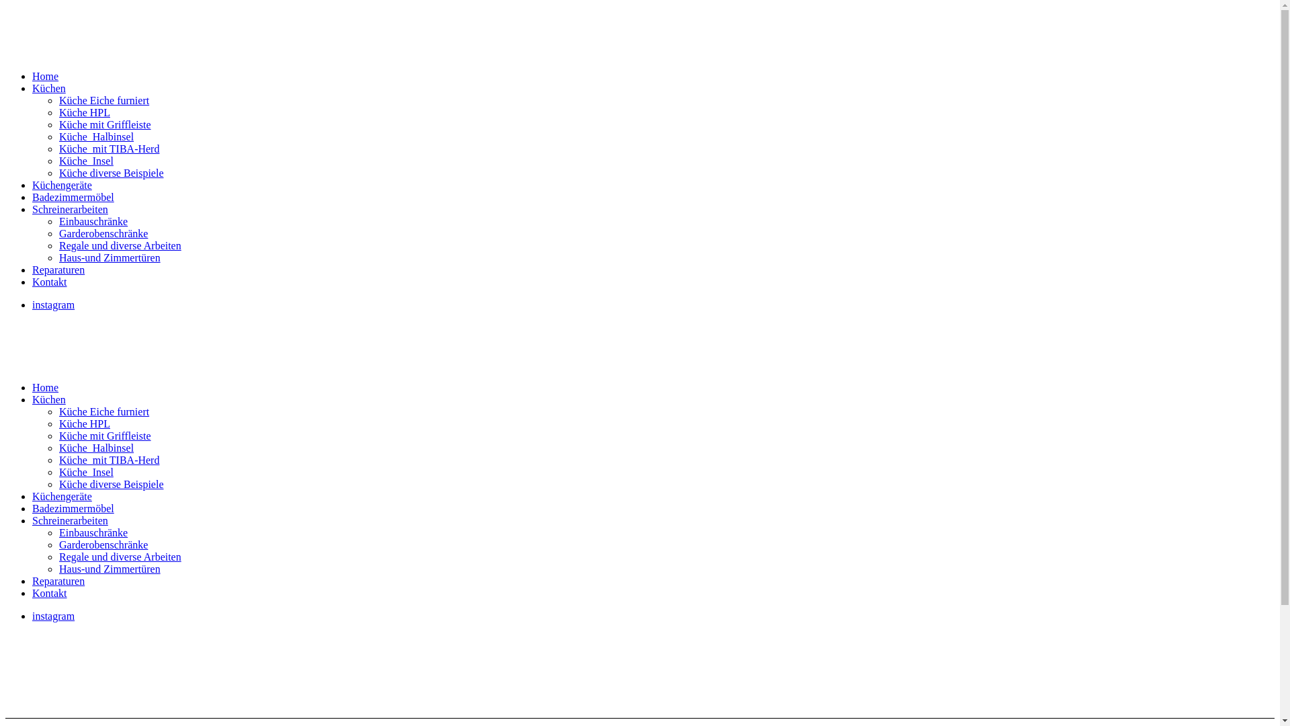  What do you see at coordinates (49, 592) in the screenshot?
I see `'Kontakt'` at bounding box center [49, 592].